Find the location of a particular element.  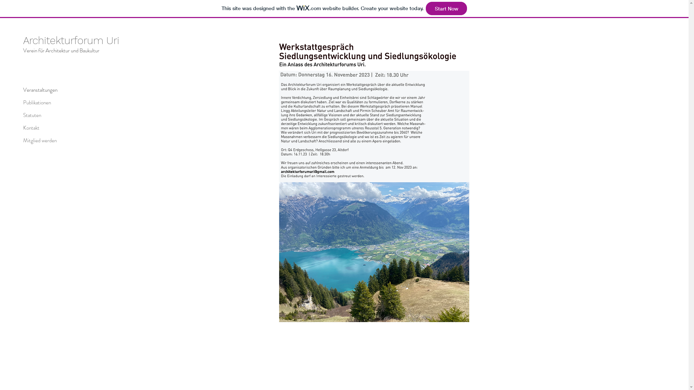

'Publikationen' is located at coordinates (48, 103).